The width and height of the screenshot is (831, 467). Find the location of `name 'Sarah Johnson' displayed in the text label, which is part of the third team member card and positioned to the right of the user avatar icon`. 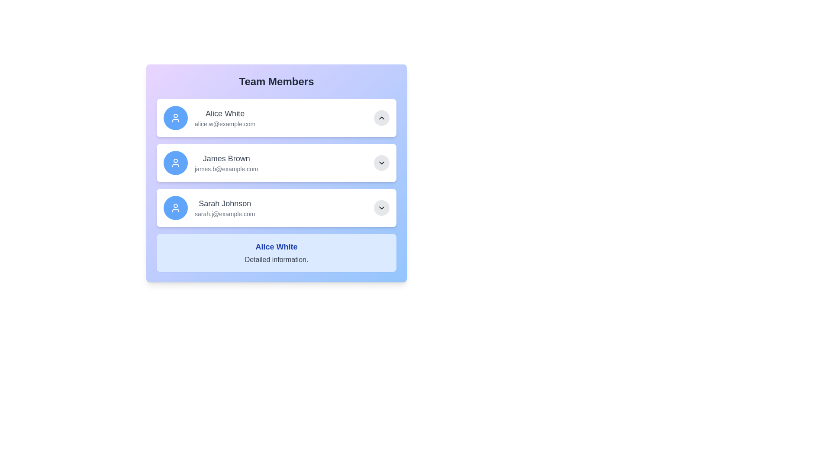

name 'Sarah Johnson' displayed in the text label, which is part of the third team member card and positioned to the right of the user avatar icon is located at coordinates (225, 203).